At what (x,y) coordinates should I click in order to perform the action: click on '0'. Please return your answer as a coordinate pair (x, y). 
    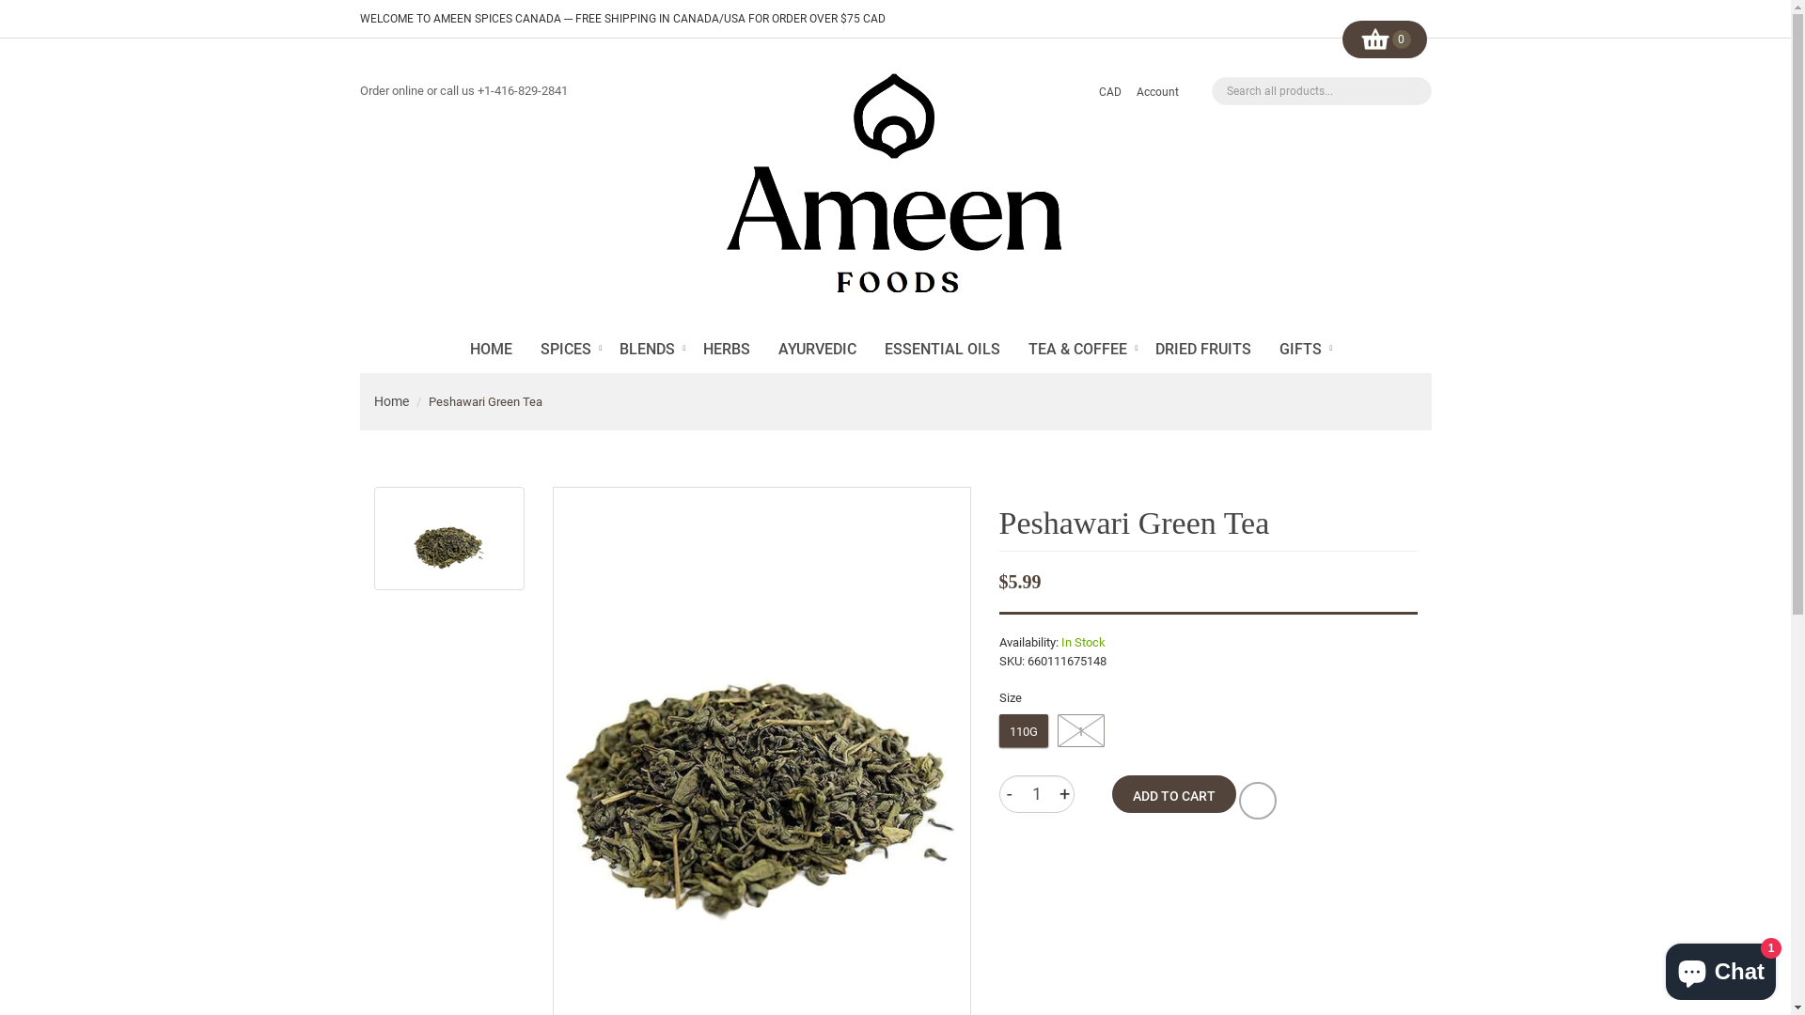
    Looking at the image, I should click on (1385, 39).